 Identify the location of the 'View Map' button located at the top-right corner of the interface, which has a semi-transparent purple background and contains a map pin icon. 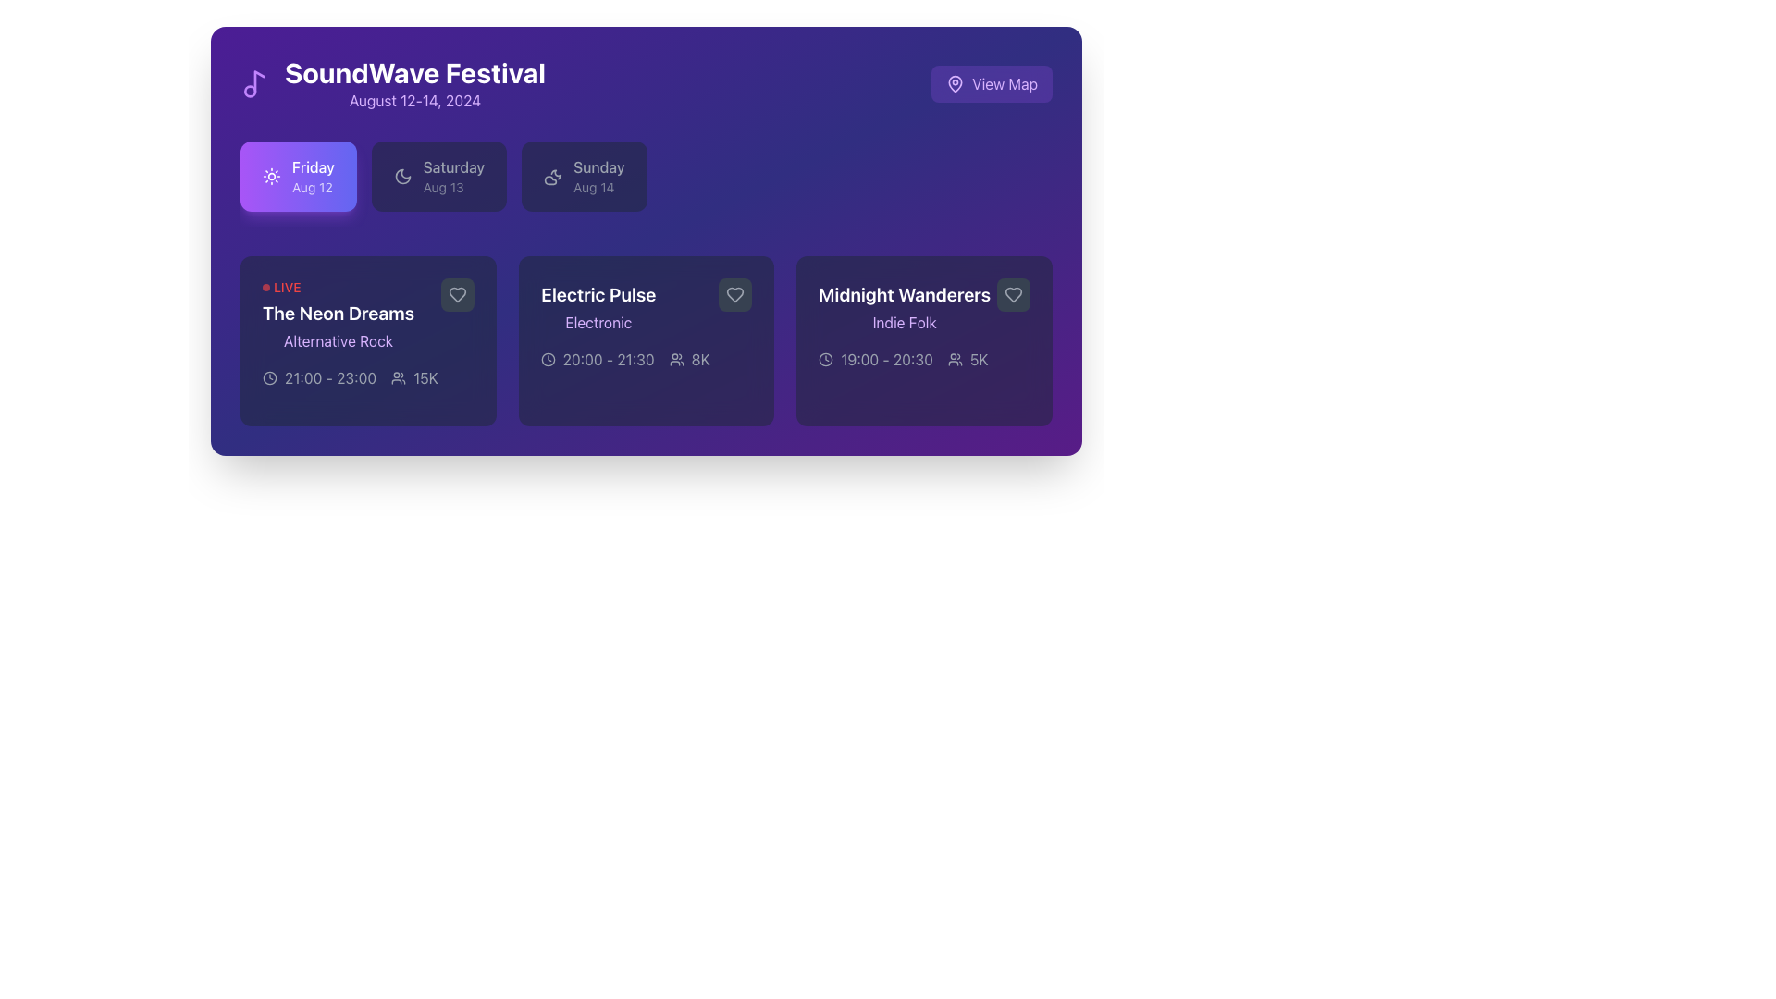
(991, 84).